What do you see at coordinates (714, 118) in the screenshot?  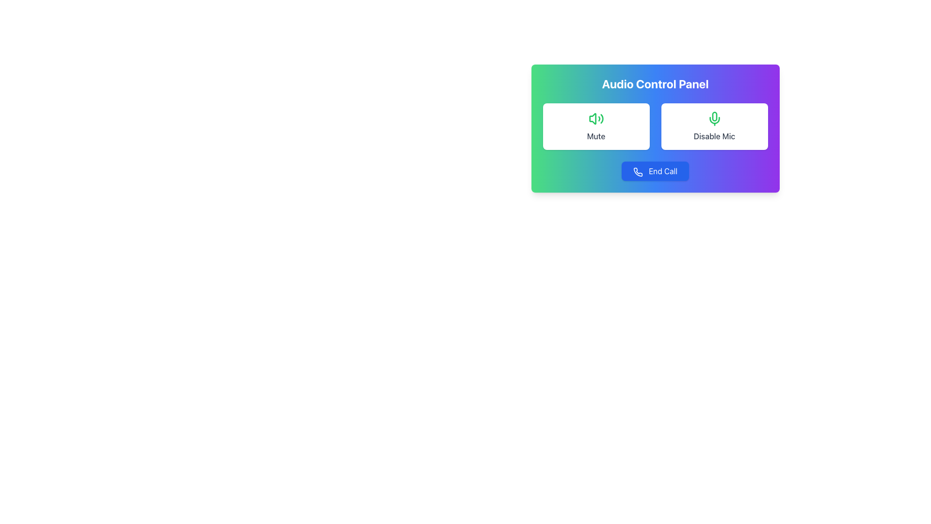 I see `the microphone icon that is part of the 'Disable Mic' button located at the top-right section of the interface` at bounding box center [714, 118].